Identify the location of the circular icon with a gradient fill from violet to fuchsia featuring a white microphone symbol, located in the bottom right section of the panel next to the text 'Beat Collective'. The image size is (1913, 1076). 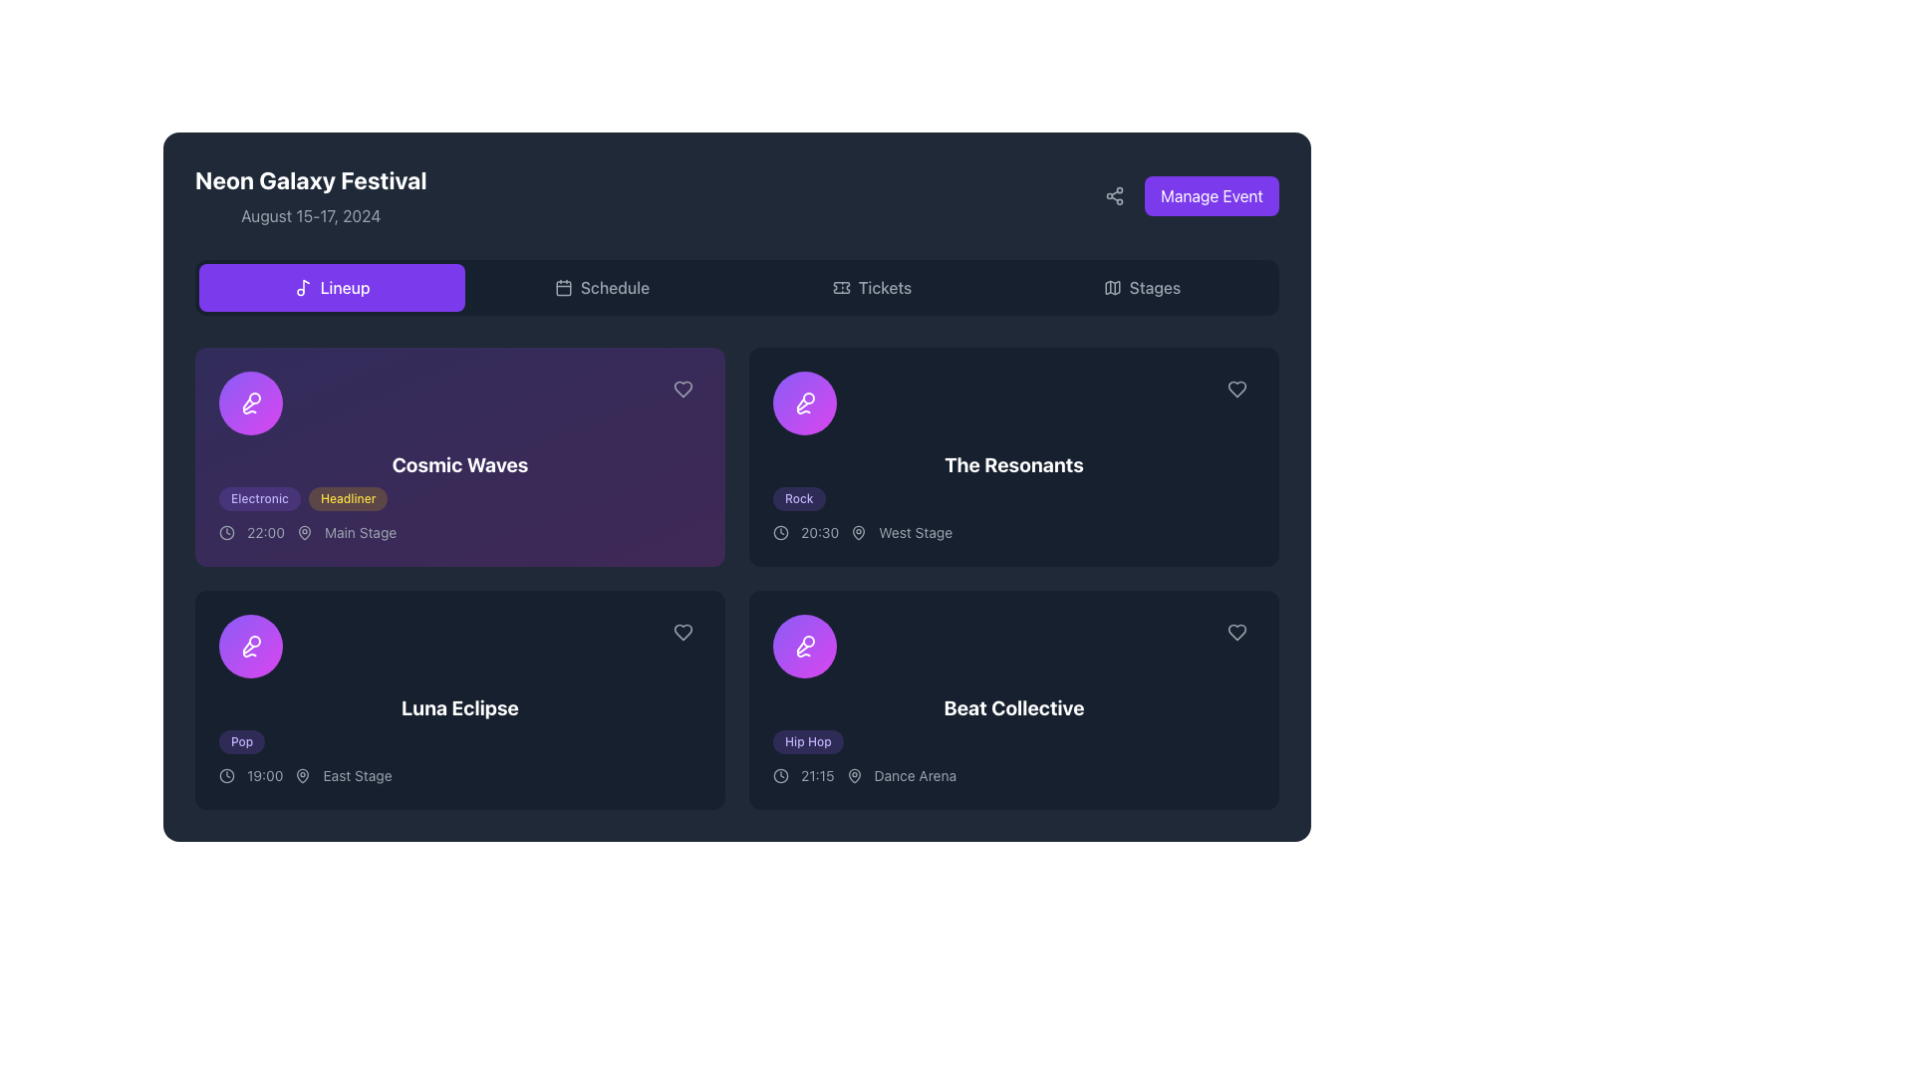
(804, 646).